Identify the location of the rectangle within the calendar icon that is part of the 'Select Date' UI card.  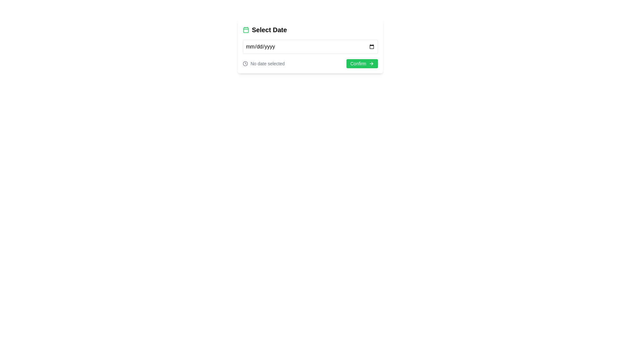
(246, 30).